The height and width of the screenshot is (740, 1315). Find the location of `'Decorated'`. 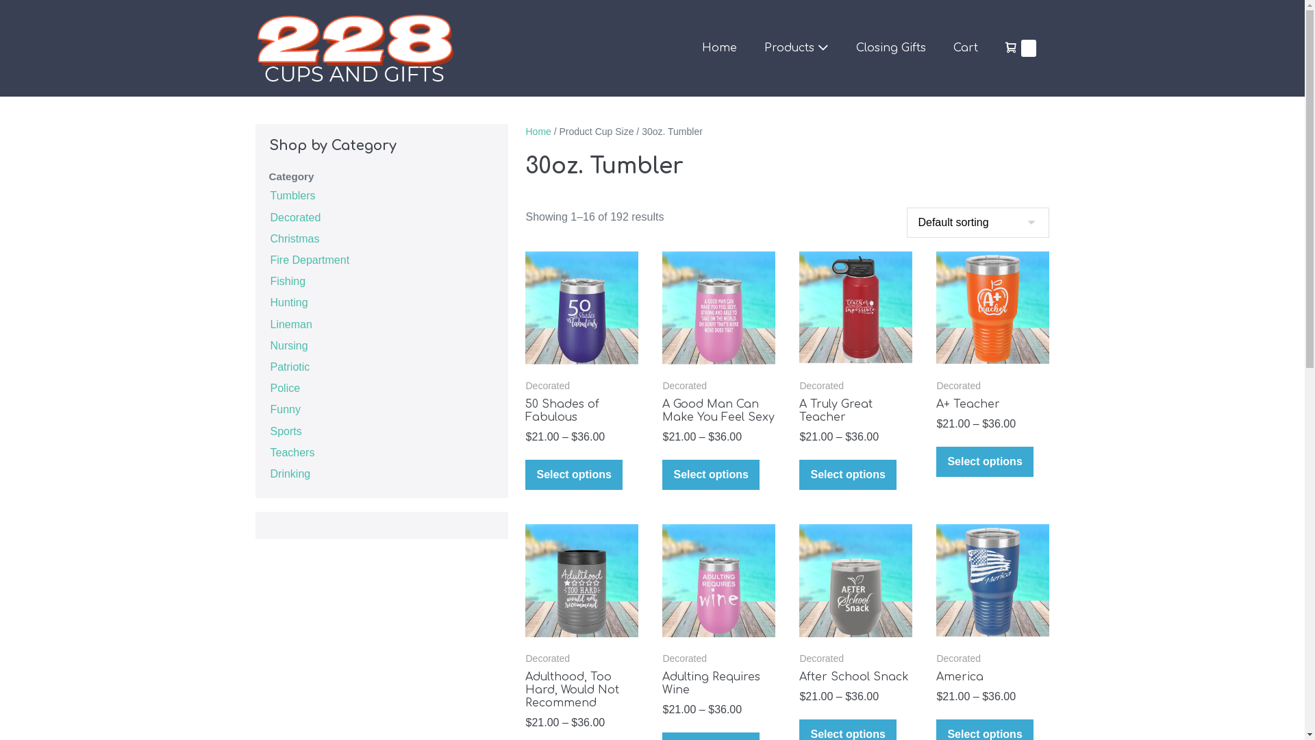

'Decorated' is located at coordinates (295, 216).